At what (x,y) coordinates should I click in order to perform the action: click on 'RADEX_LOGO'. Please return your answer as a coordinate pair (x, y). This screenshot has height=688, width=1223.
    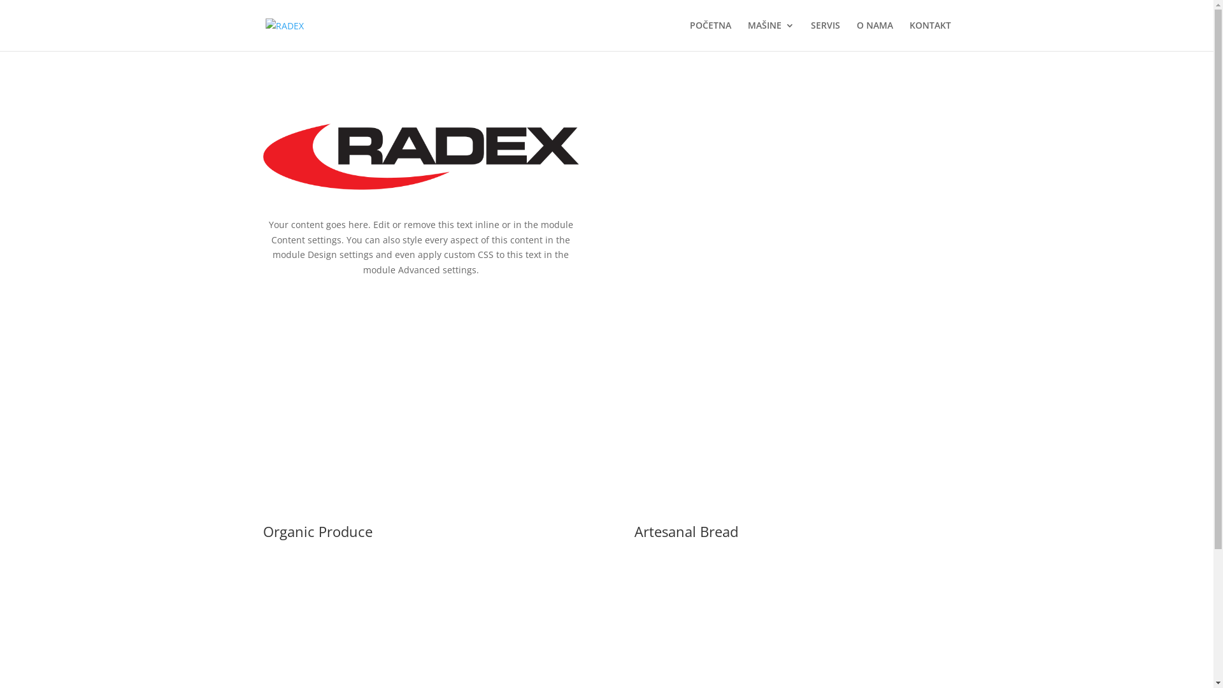
    Looking at the image, I should click on (420, 155).